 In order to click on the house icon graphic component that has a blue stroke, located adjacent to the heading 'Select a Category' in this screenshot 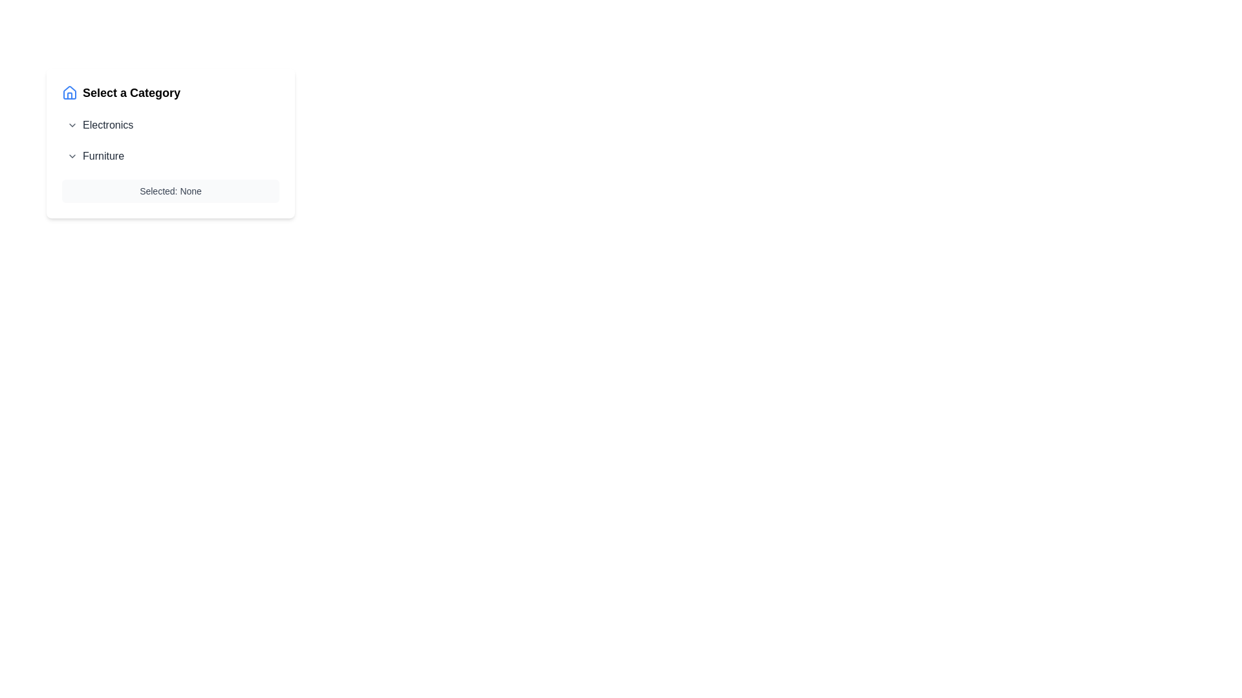, I will do `click(69, 92)`.